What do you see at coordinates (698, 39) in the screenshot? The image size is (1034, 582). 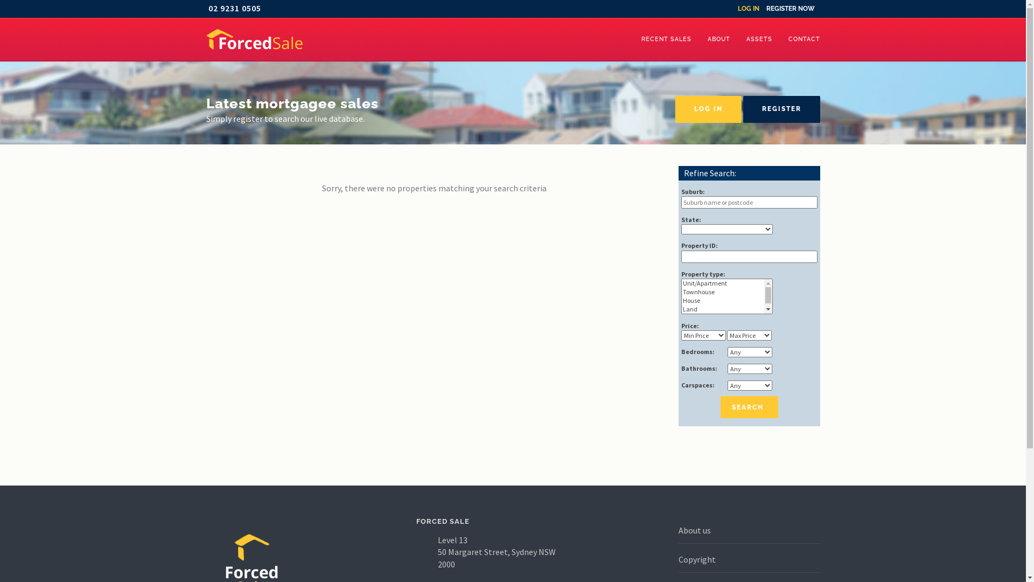 I see `'ABOUT'` at bounding box center [698, 39].